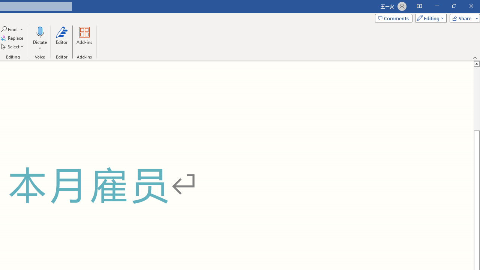  Describe the element at coordinates (471, 6) in the screenshot. I see `'Close'` at that location.